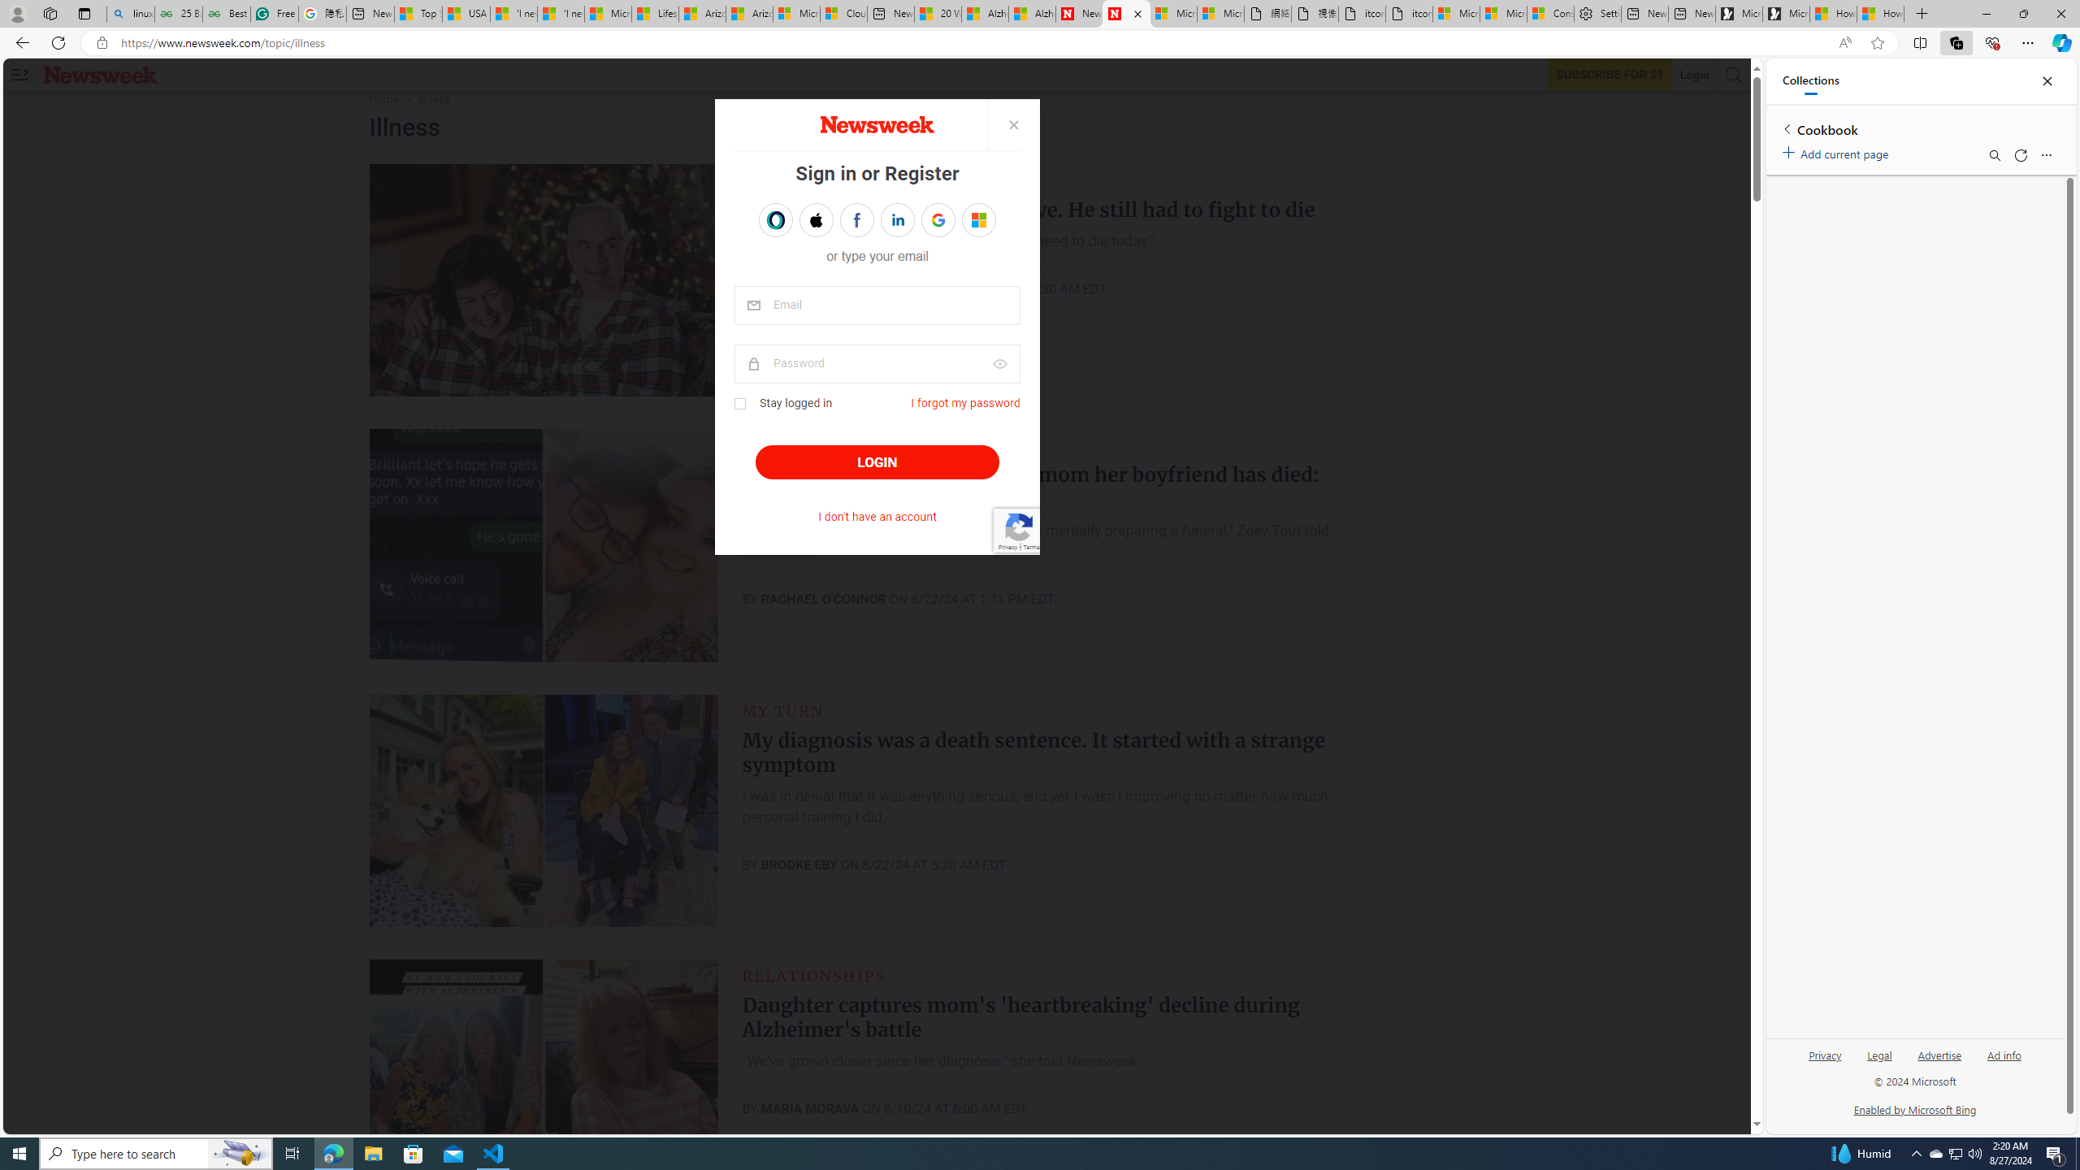 The image size is (2080, 1170). What do you see at coordinates (655, 13) in the screenshot?
I see `'Lifestyle - MSN'` at bounding box center [655, 13].